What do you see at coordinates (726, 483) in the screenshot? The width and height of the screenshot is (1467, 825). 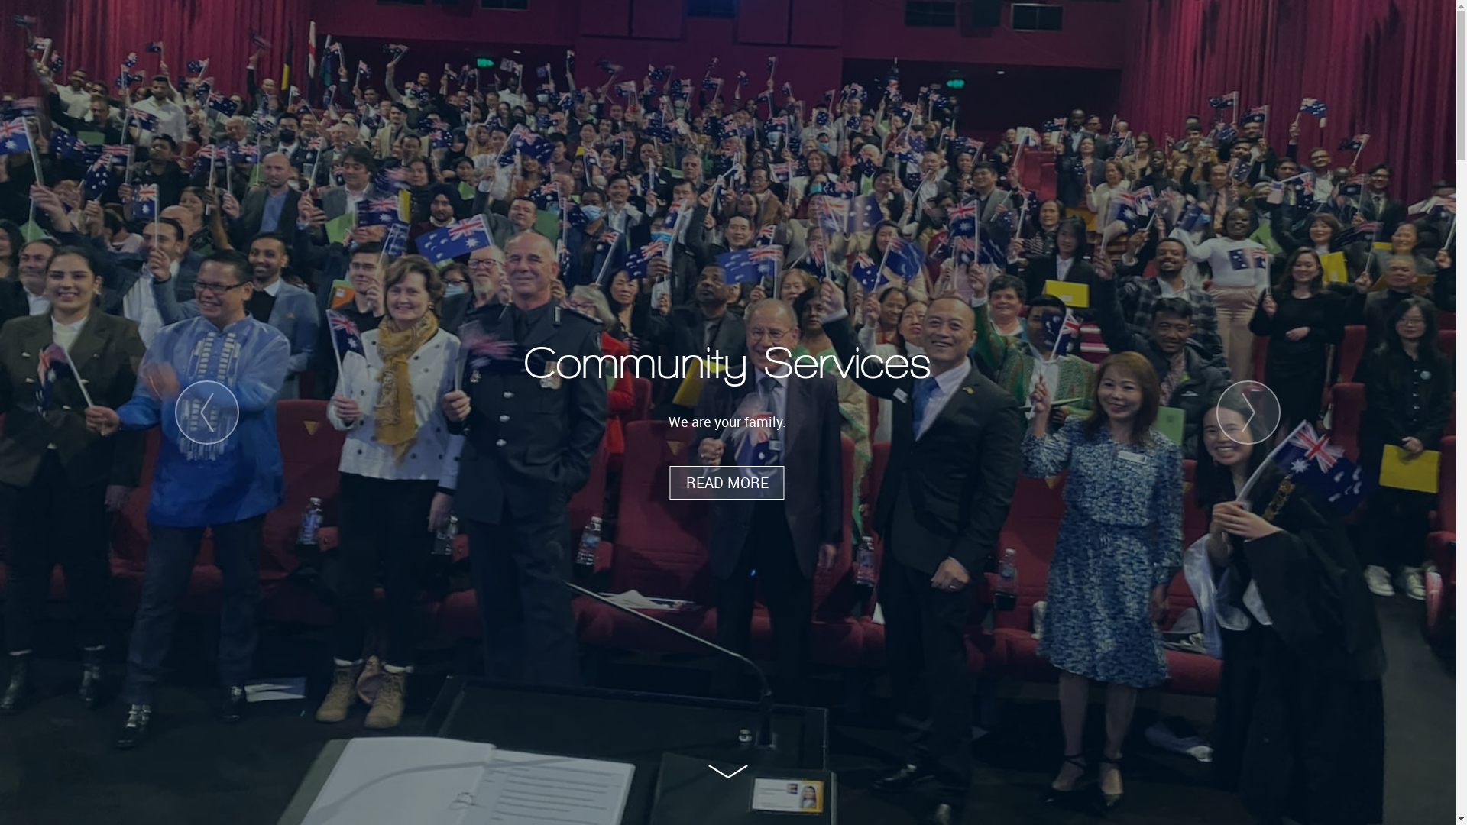 I see `'READ MORE'` at bounding box center [726, 483].